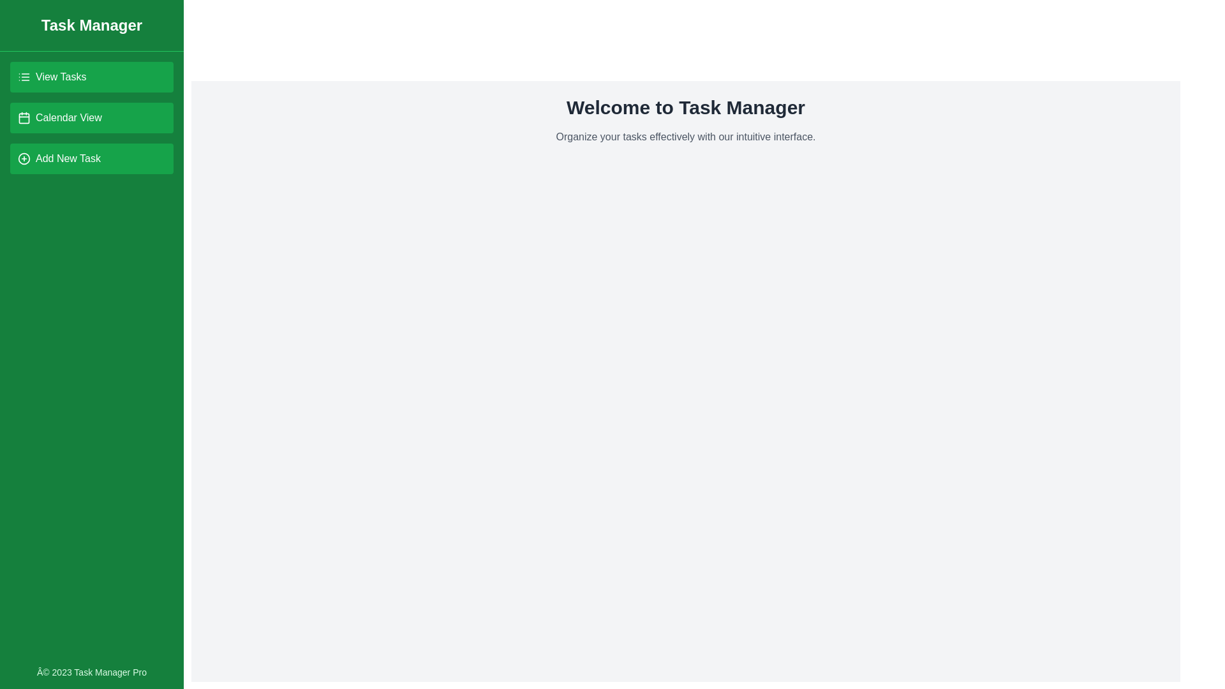  Describe the element at coordinates (91, 77) in the screenshot. I see `the 'View Tasks' button` at that location.